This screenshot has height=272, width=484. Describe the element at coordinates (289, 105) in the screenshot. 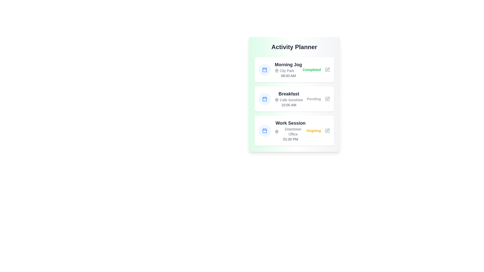

I see `the text element displaying '10:00 AM' in gray color, located at the bottom-right of the 'Breakfast' section under 'Cafe Sunshine'` at that location.